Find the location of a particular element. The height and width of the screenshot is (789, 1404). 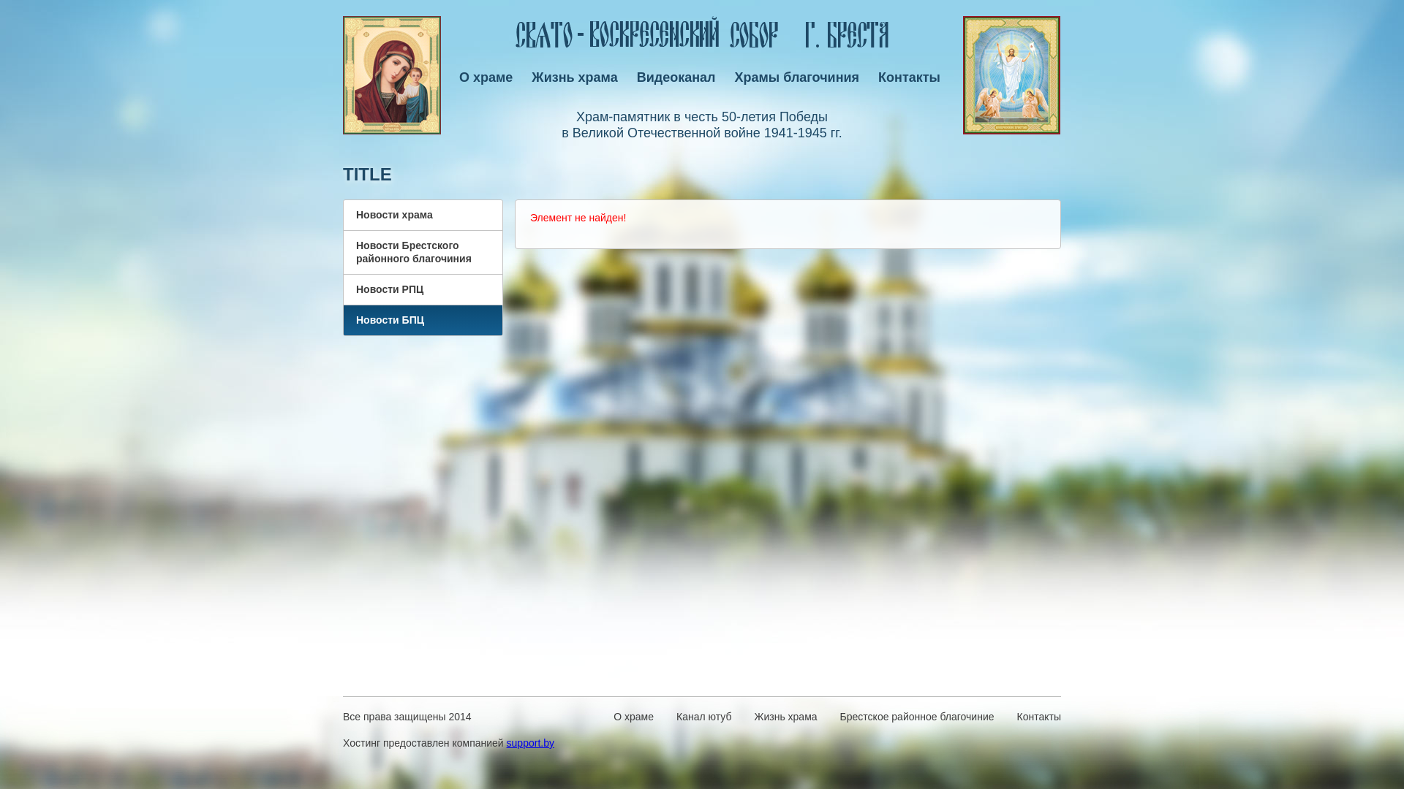

'support.by' is located at coordinates (506, 743).